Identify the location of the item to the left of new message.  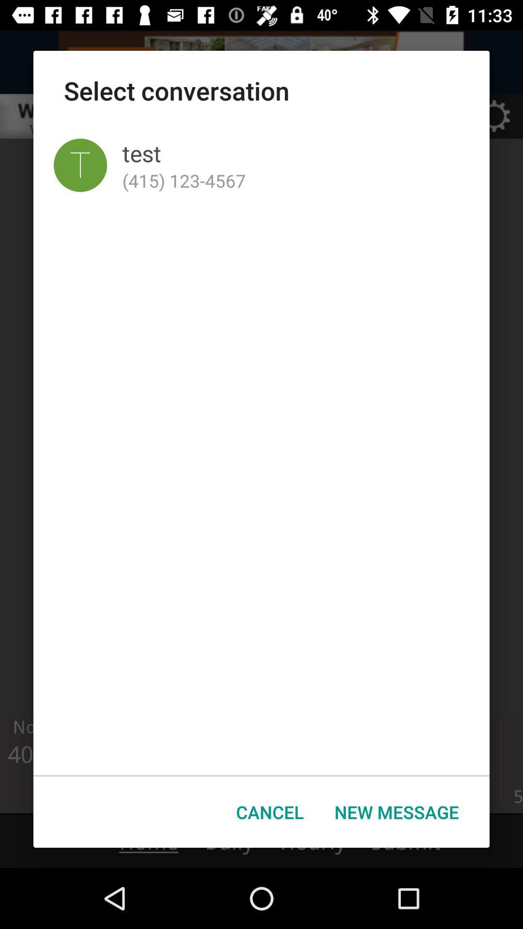
(270, 812).